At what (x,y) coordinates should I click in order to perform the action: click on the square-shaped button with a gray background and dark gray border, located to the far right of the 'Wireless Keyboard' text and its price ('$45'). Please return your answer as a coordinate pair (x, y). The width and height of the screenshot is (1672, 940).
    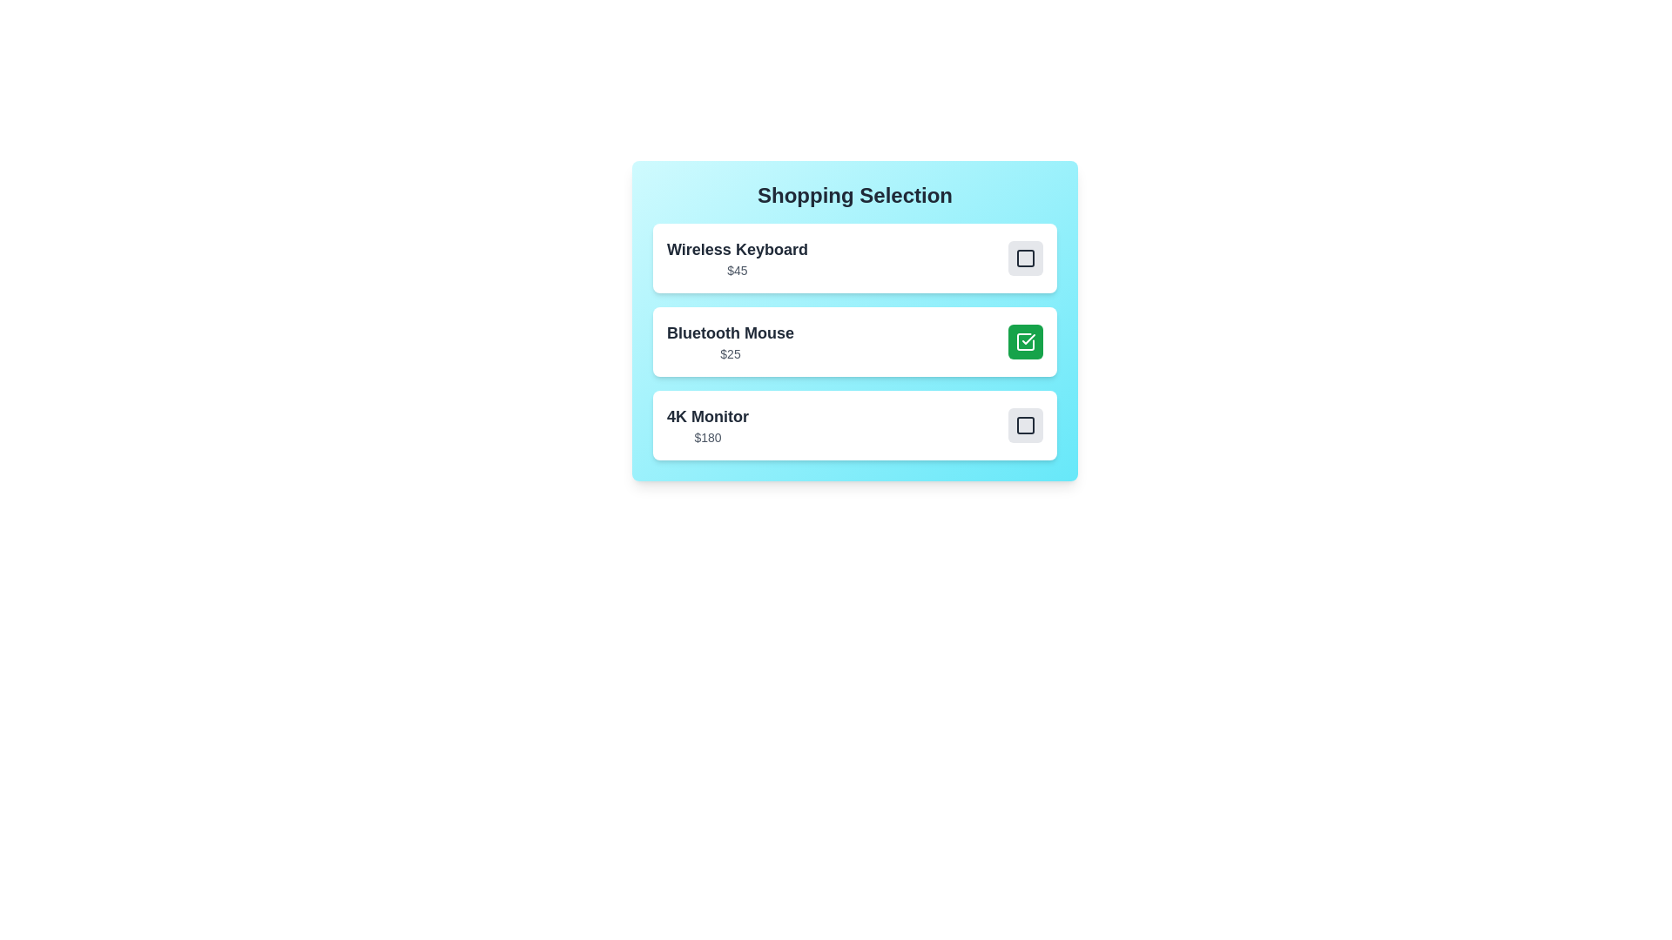
    Looking at the image, I should click on (1025, 258).